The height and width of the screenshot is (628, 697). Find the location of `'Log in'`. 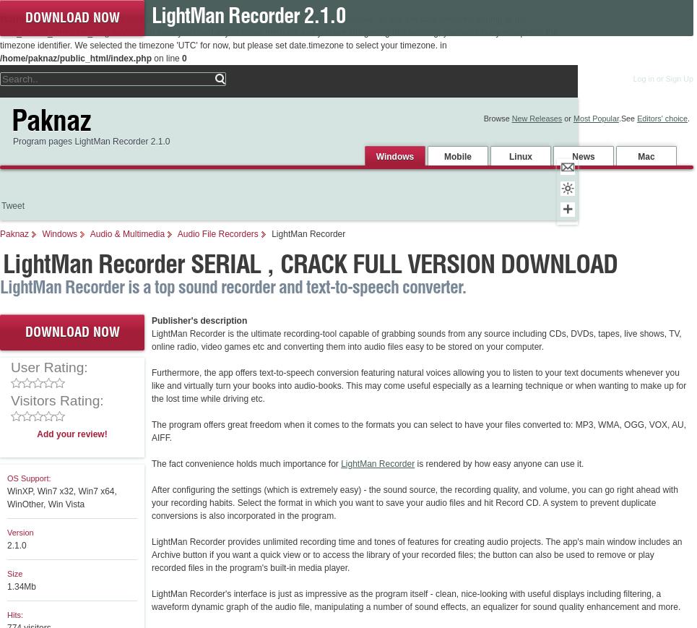

'Log in' is located at coordinates (643, 77).